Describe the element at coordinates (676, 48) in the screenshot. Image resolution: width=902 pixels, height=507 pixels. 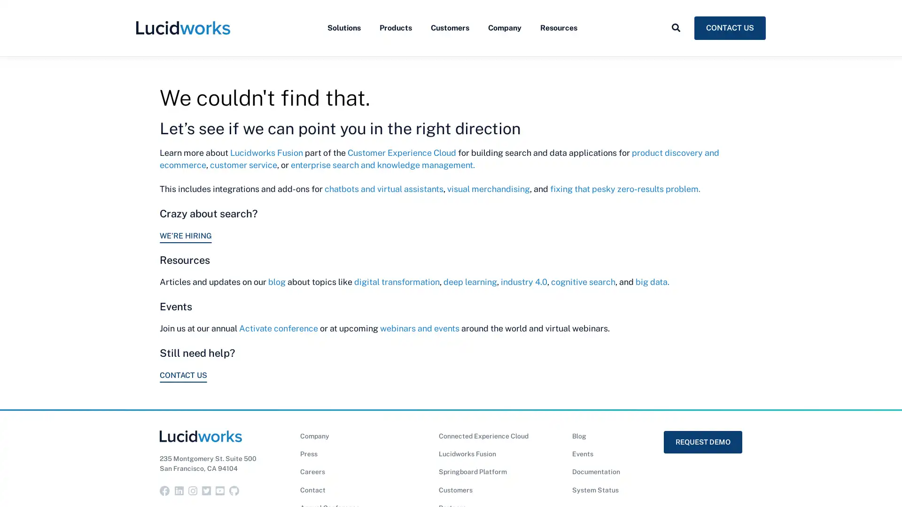
I see `TOGGLE DROPDOWN` at that location.